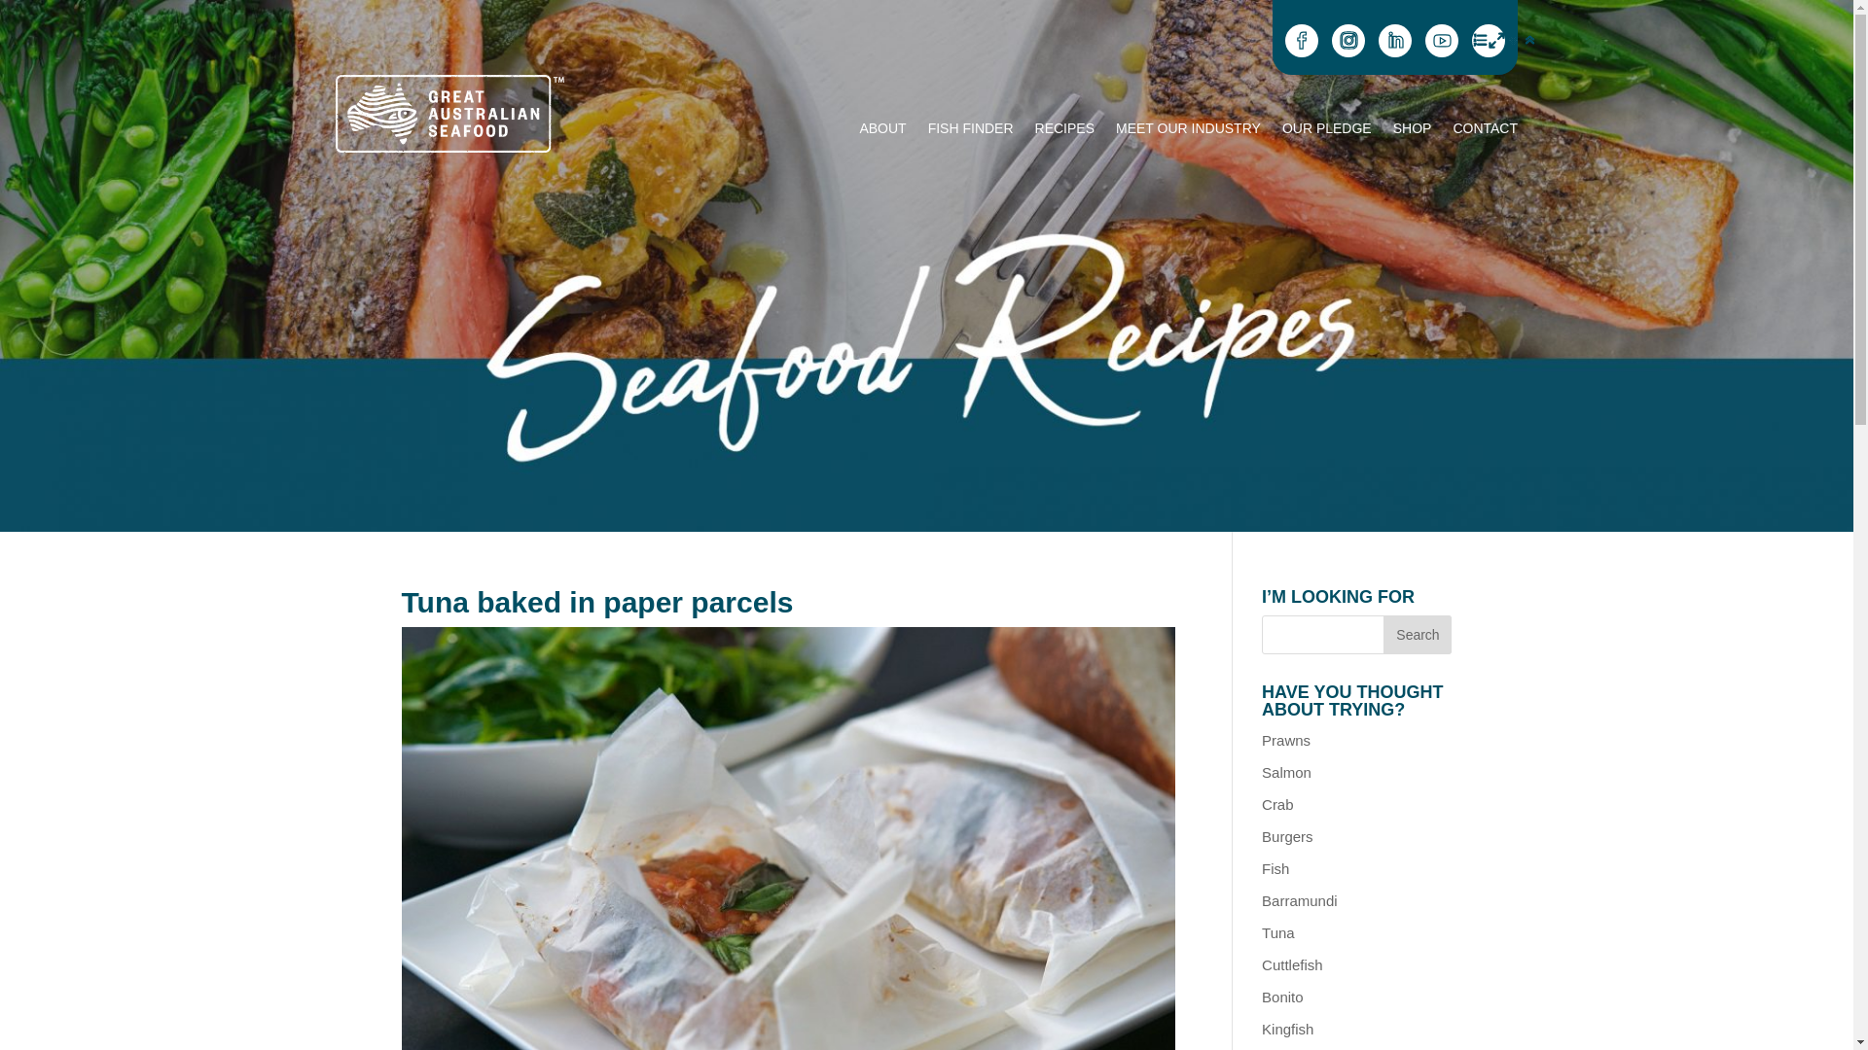 This screenshot has height=1050, width=1868. I want to click on 'Tuna', so click(1278, 931).